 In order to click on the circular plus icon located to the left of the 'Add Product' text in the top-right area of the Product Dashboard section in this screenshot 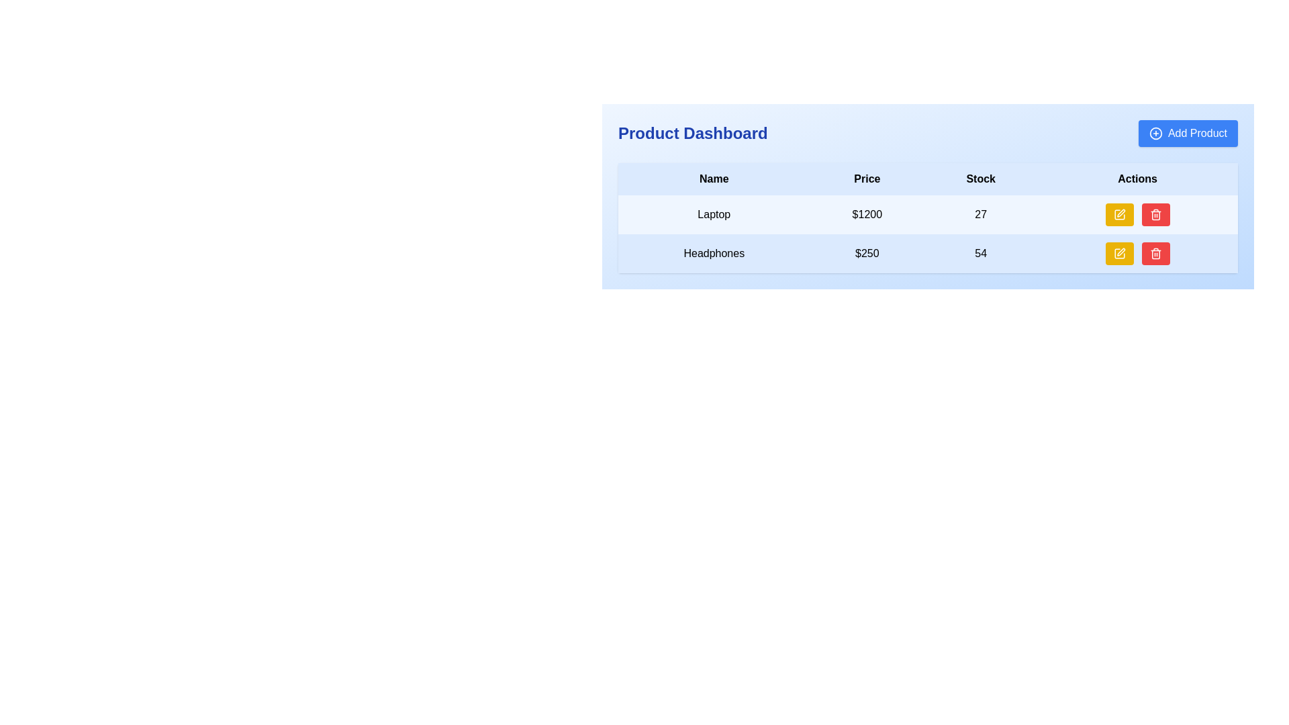, I will do `click(1155, 134)`.